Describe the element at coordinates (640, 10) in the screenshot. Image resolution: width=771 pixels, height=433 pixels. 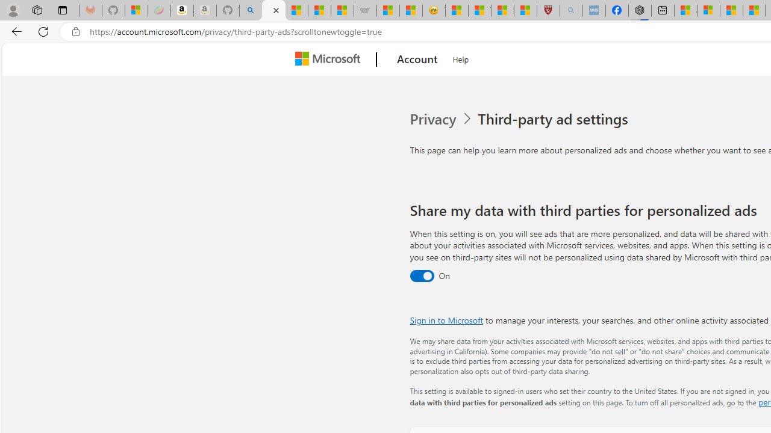
I see `'Nordace - Nordace Siena Is Not An Ordinary Backpack'` at that location.